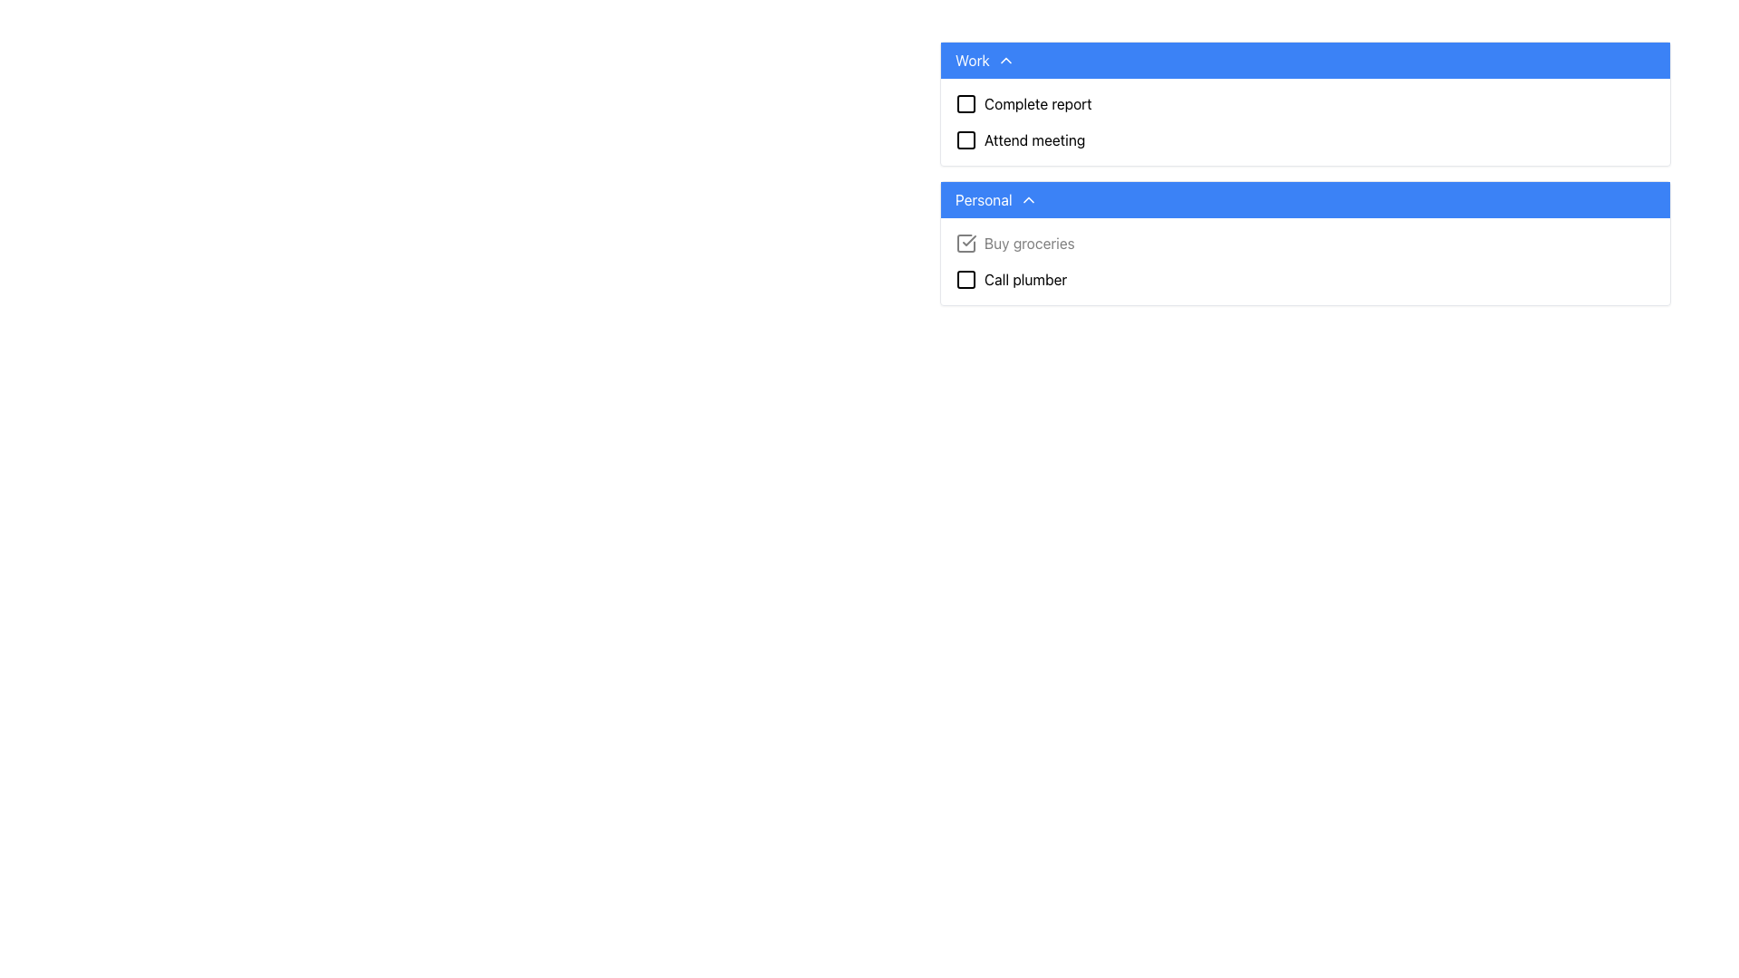 The image size is (1739, 978). Describe the element at coordinates (965, 104) in the screenshot. I see `the interactive checkbox located in the 'Work' category group, positioned to the left of the 'Complete report' text` at that location.